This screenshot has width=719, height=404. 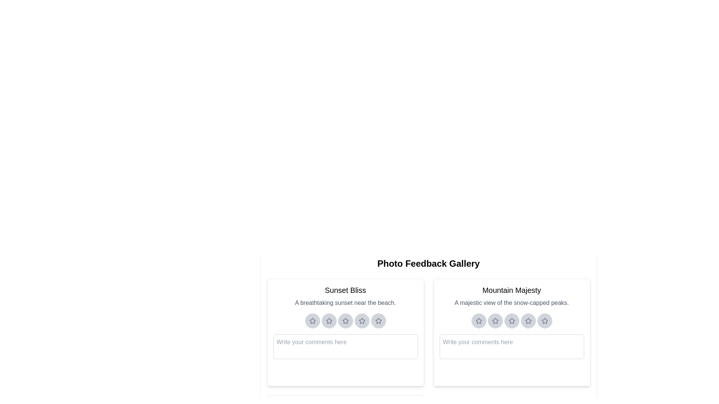 I want to click on the third circular button in the 5-star rating system below the text 'Mountain Majesty', so click(x=511, y=320).